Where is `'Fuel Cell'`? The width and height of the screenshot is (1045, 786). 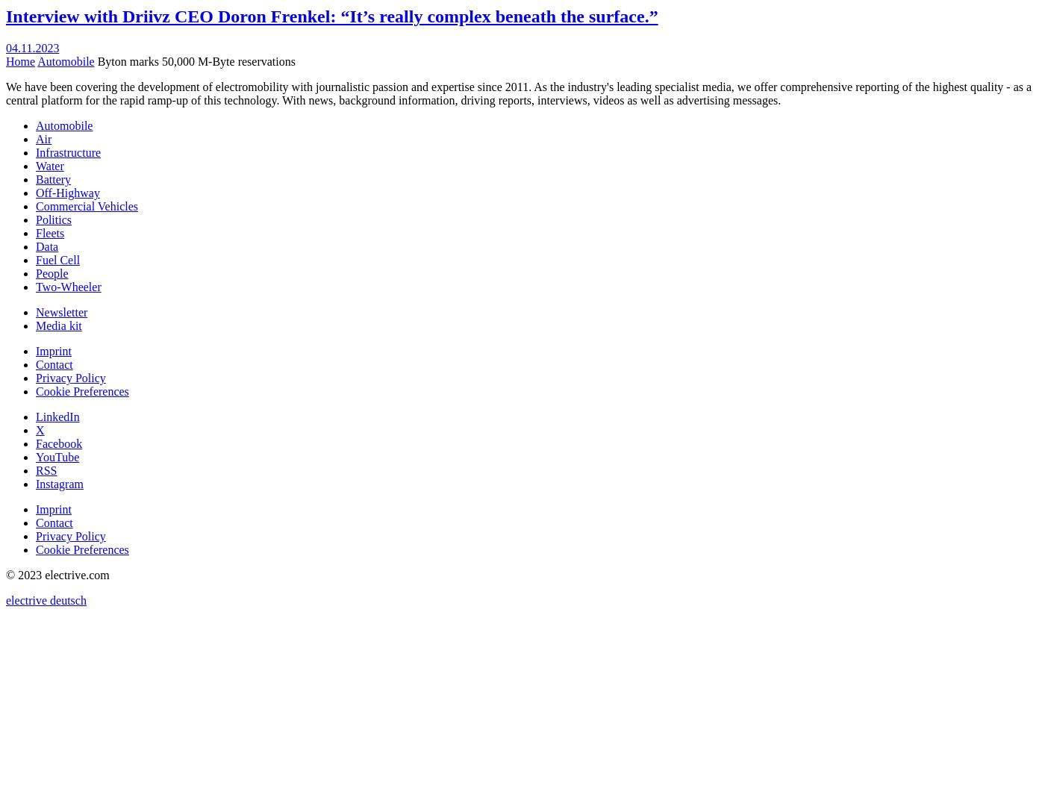
'Fuel Cell' is located at coordinates (57, 259).